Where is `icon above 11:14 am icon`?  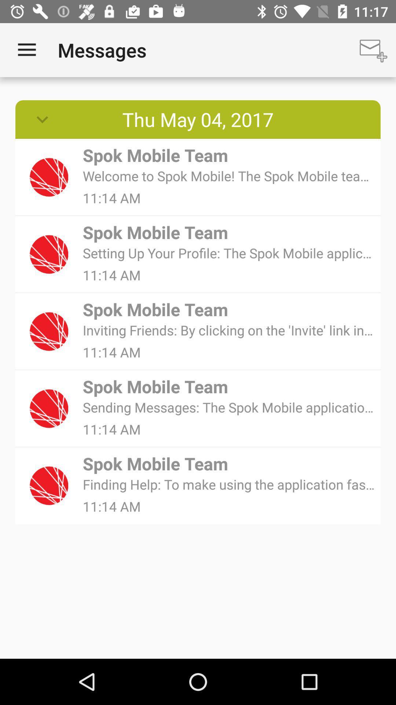
icon above 11:14 am icon is located at coordinates (229, 484).